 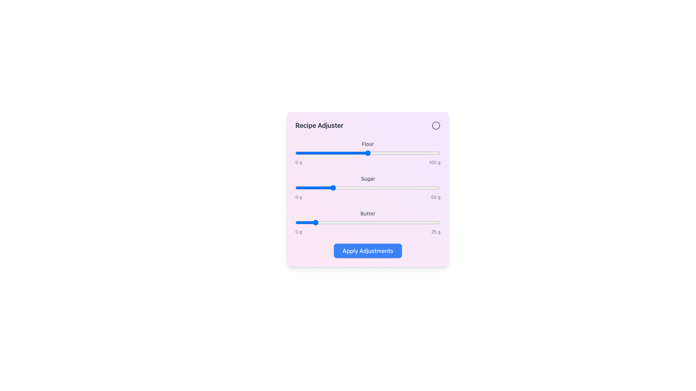 What do you see at coordinates (352, 188) in the screenshot?
I see `sugar slider` at bounding box center [352, 188].